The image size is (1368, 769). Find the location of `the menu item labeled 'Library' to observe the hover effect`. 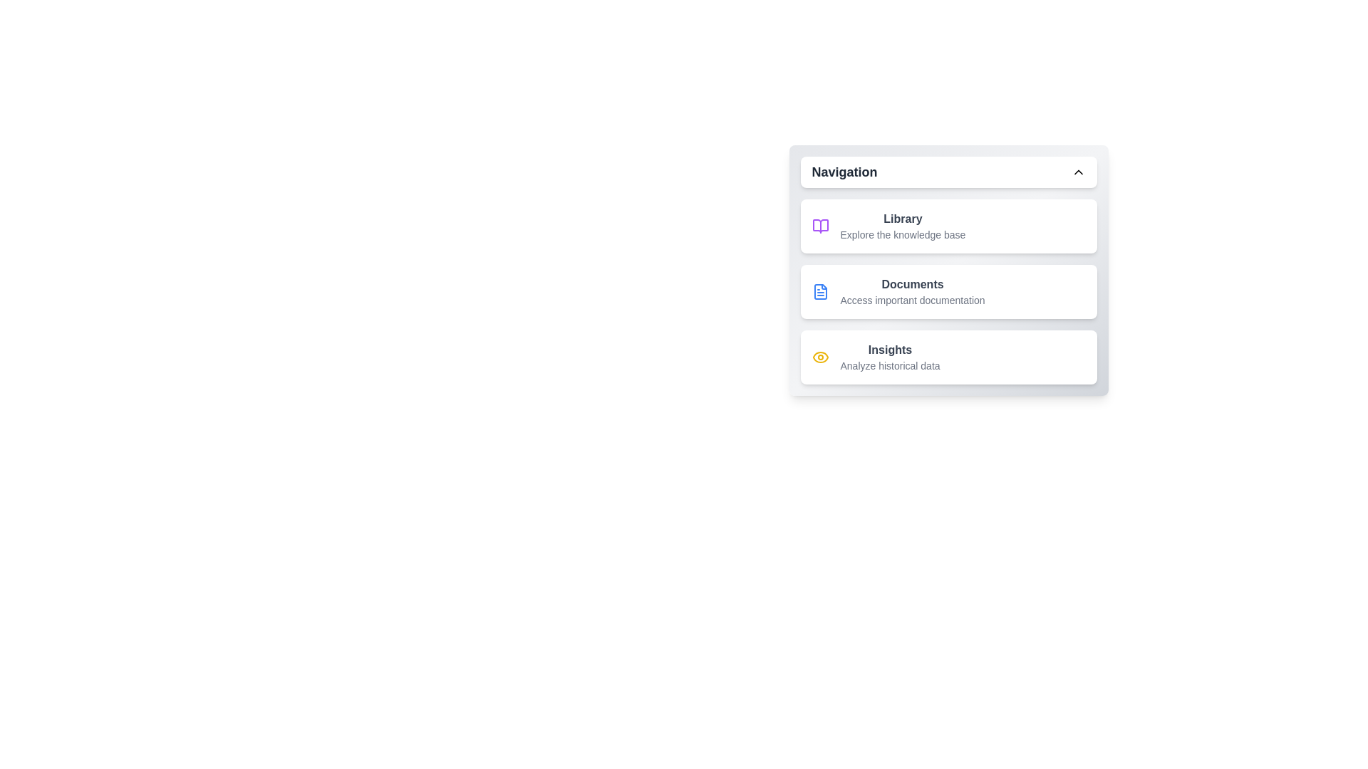

the menu item labeled 'Library' to observe the hover effect is located at coordinates (948, 225).